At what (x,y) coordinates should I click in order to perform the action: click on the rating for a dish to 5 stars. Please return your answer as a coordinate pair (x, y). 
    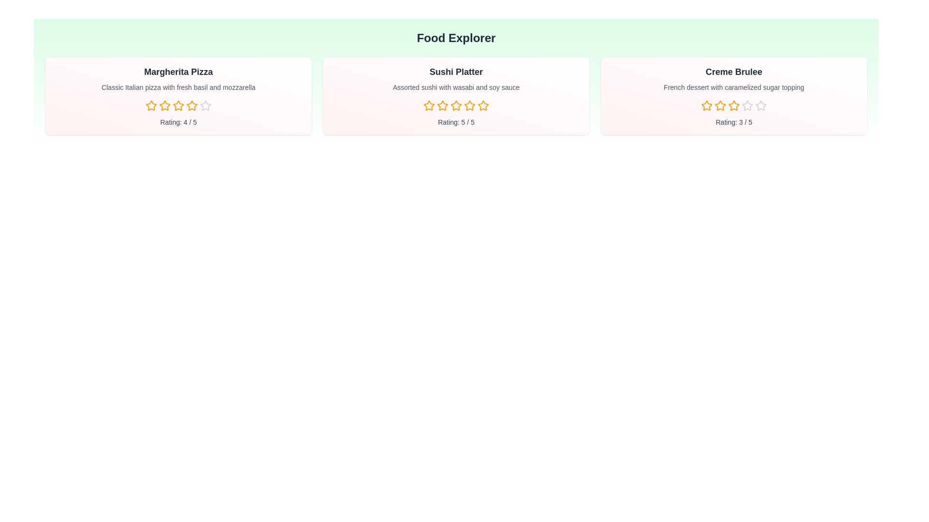
    Looking at the image, I should click on (205, 106).